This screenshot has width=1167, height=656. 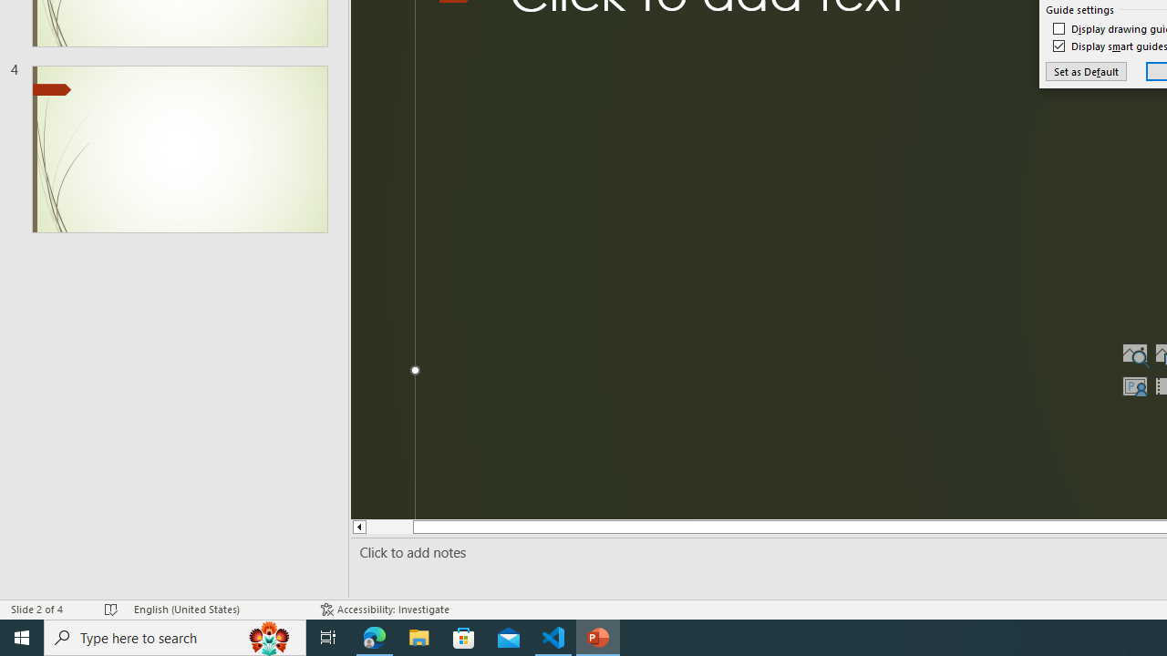 I want to click on 'Insert Cameo', so click(x=1133, y=385).